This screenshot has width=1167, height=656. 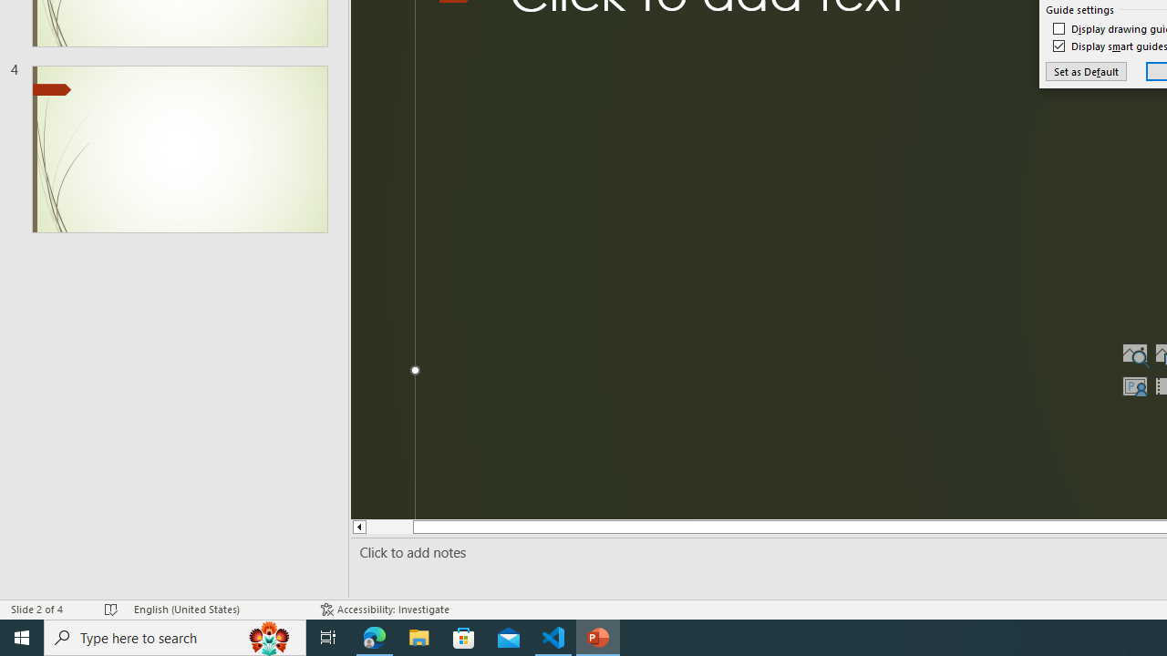 I want to click on 'Insert Cameo', so click(x=1133, y=385).